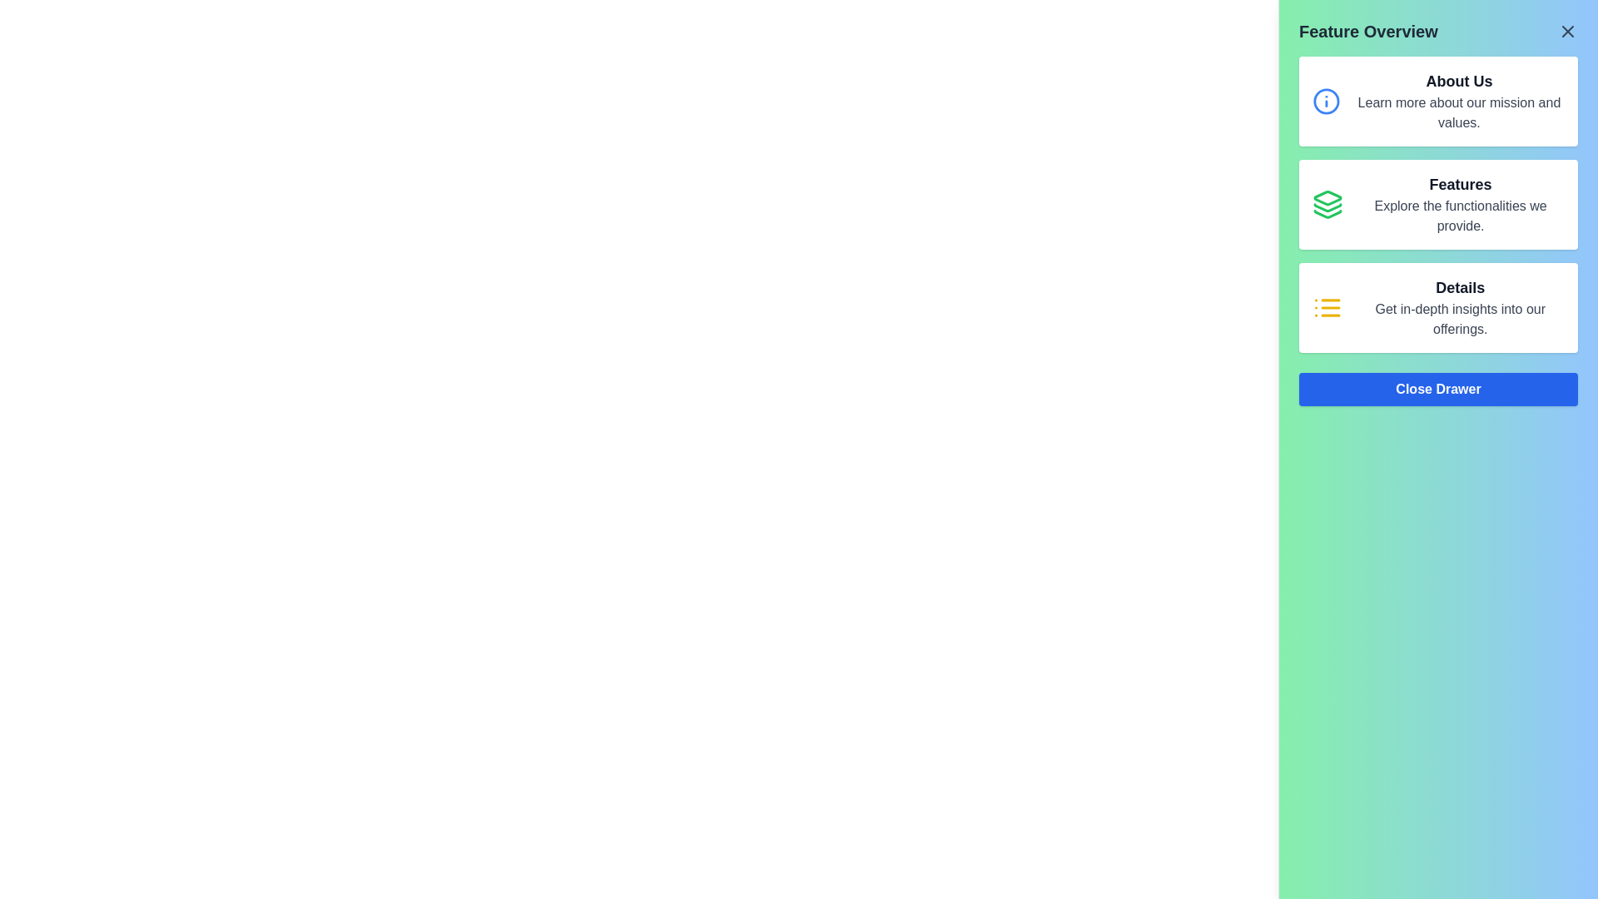  What do you see at coordinates (1437, 102) in the screenshot?
I see `information presented in the Informational card, which is the first item in the vertical list of three sections in the 'Feature Overview' drawer` at bounding box center [1437, 102].